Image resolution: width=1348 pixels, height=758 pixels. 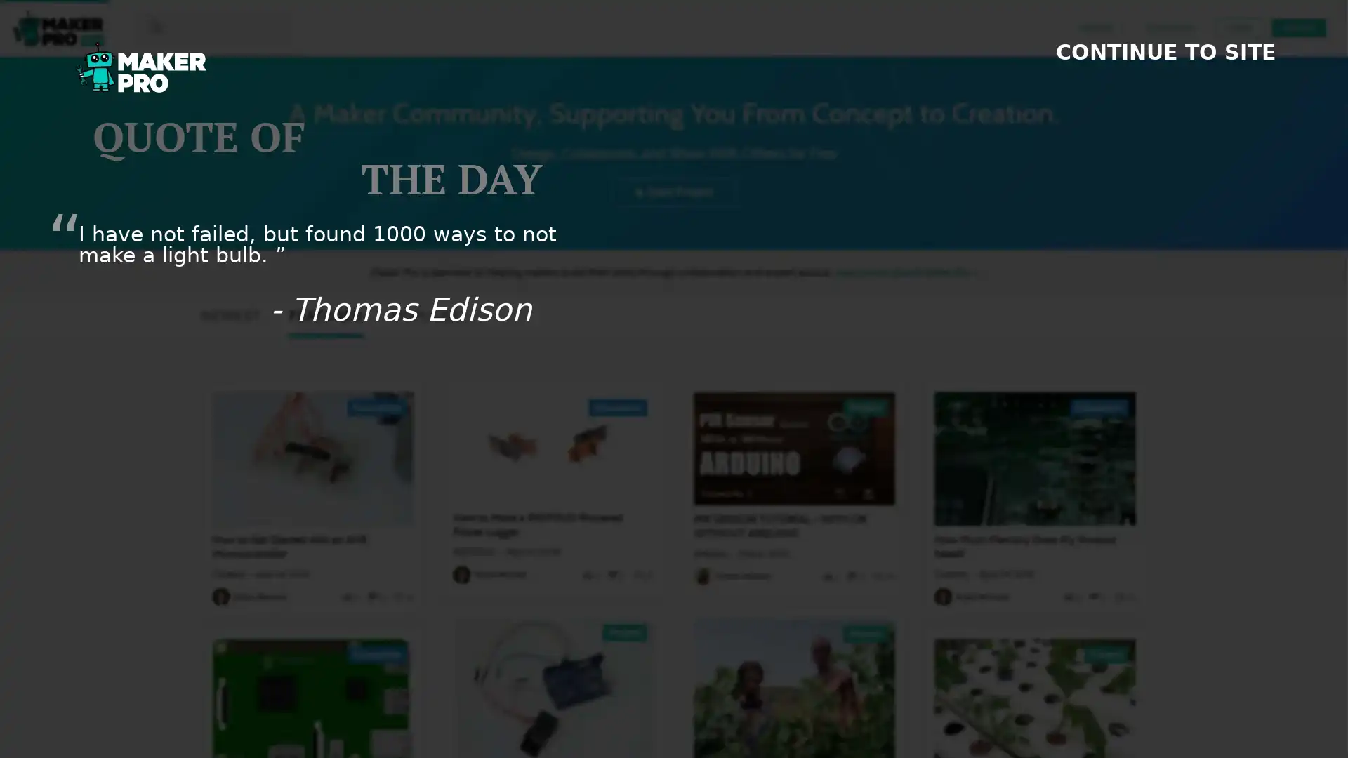 I want to click on search, so click(x=147, y=27).